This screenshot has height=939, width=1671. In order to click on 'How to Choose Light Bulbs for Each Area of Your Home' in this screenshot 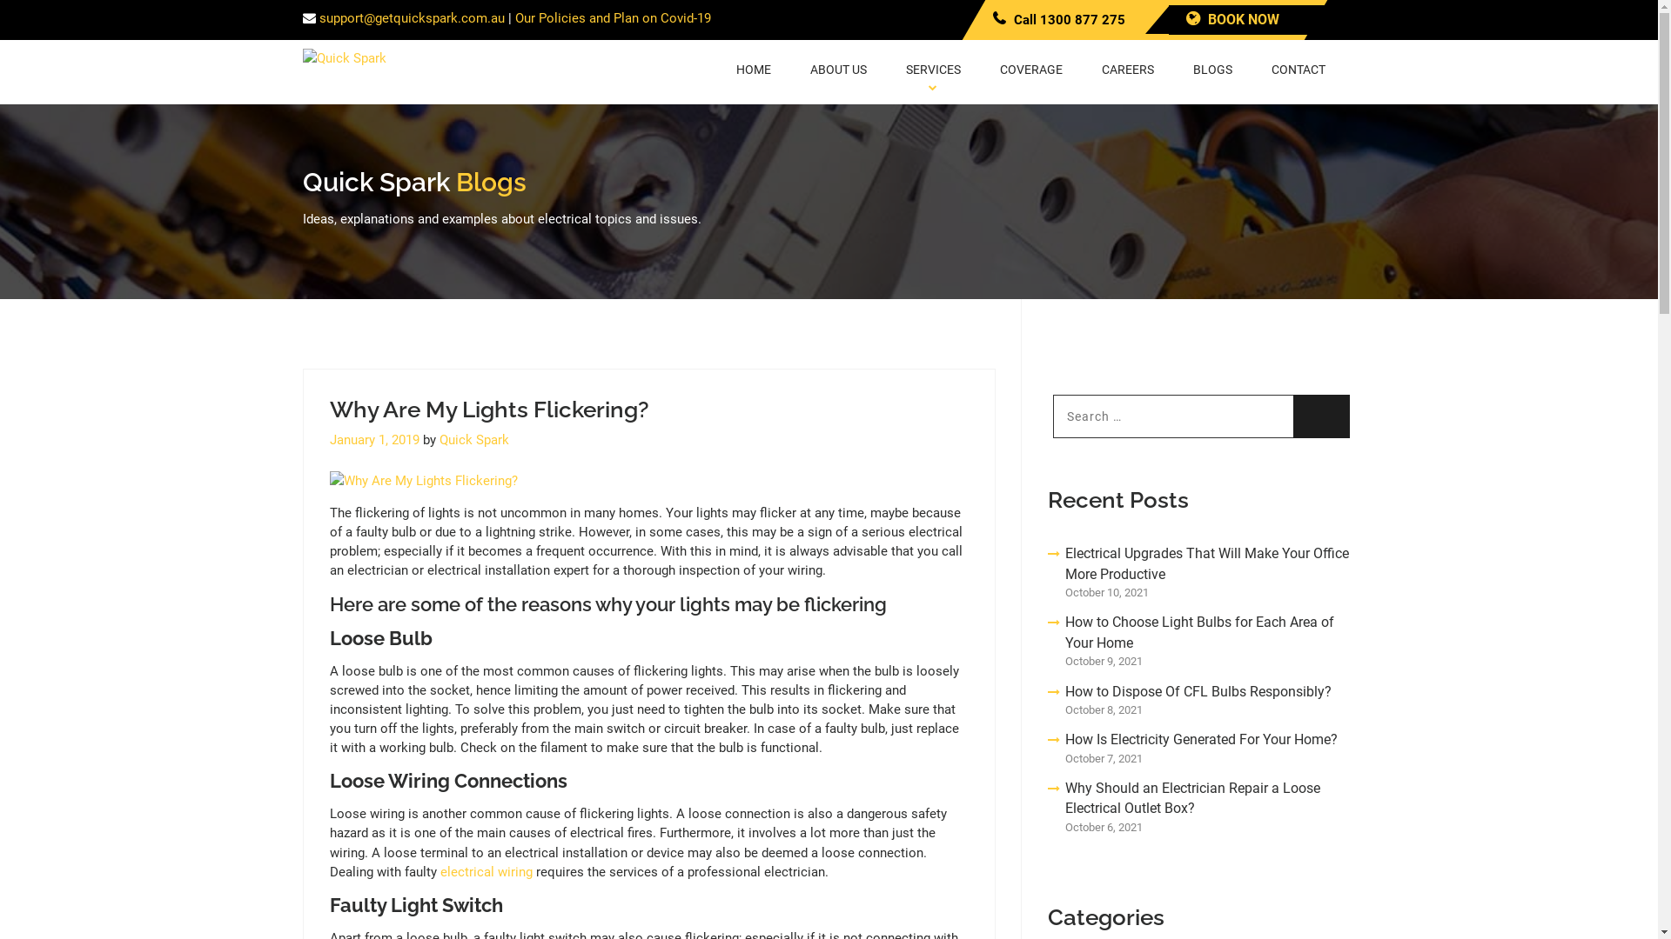, I will do `click(1198, 632)`.